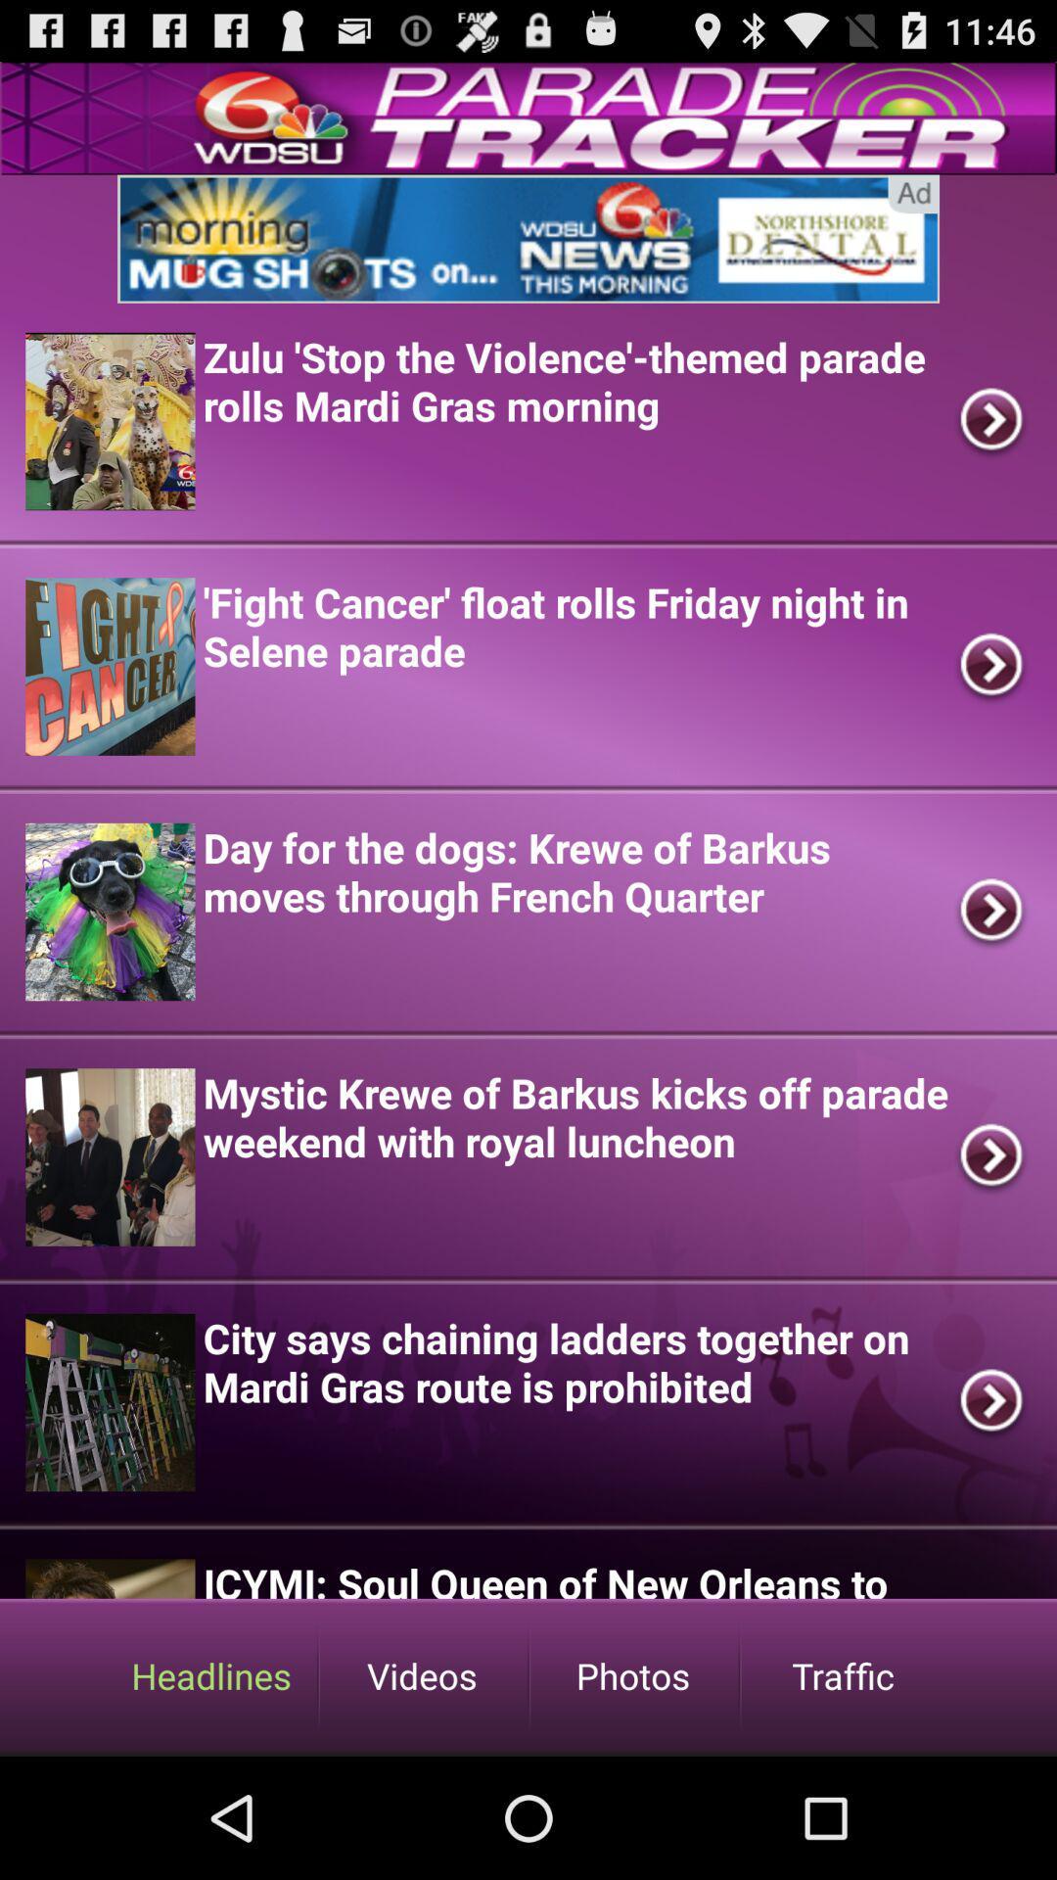  Describe the element at coordinates (110, 1401) in the screenshot. I see `the image beside city says chaining ladders together on mardi gras route is prohibited` at that location.